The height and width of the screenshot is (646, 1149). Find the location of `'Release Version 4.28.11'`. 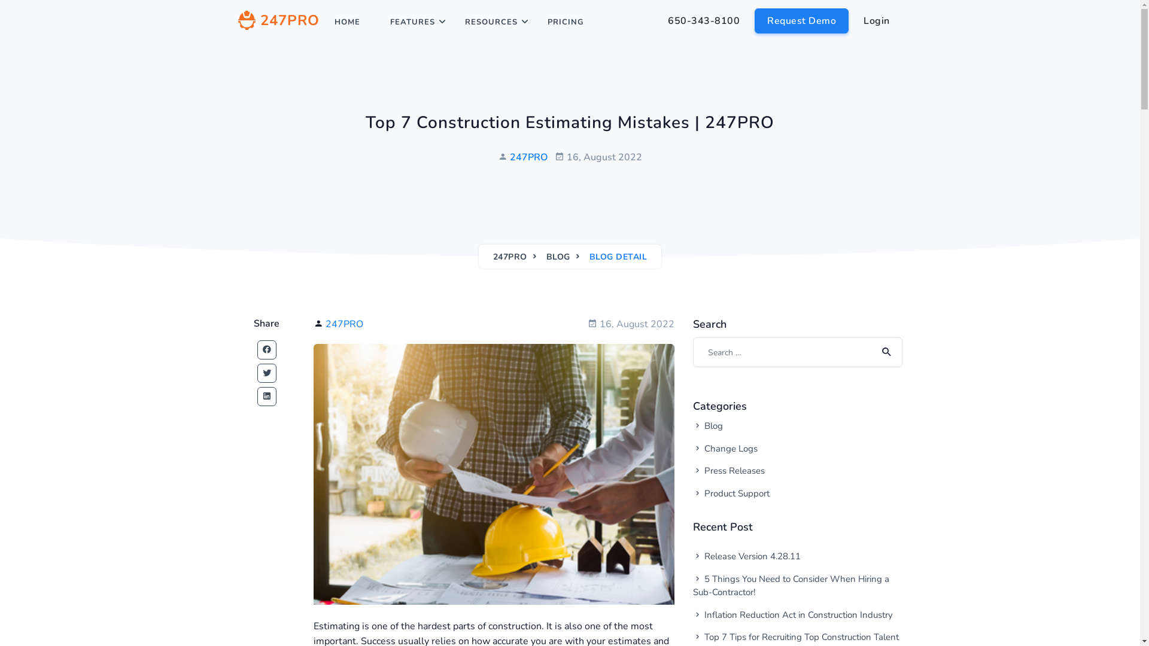

'Release Version 4.28.11' is located at coordinates (798, 556).